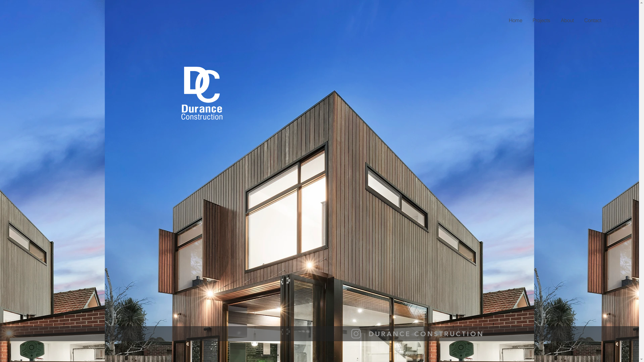 Image resolution: width=644 pixels, height=362 pixels. I want to click on 'Home', so click(515, 20).